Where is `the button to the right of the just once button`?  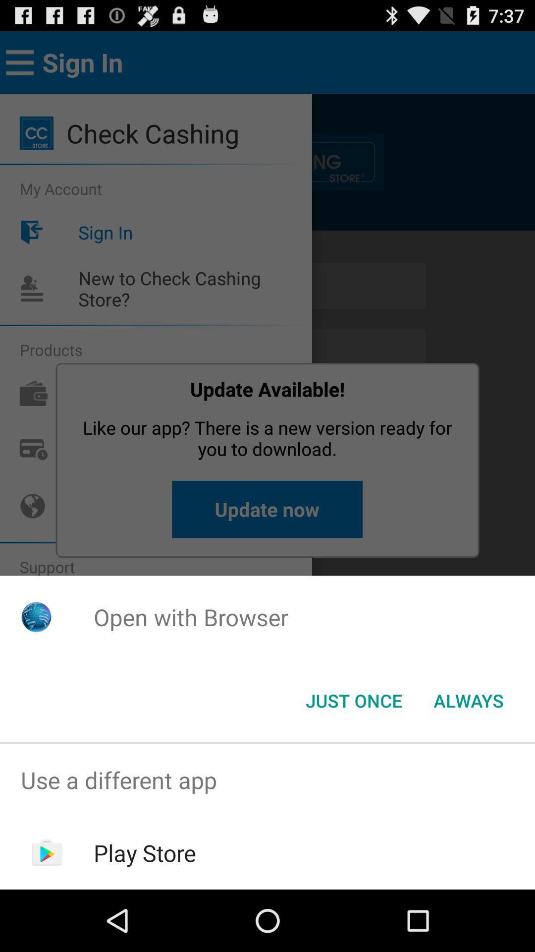 the button to the right of the just once button is located at coordinates (468, 700).